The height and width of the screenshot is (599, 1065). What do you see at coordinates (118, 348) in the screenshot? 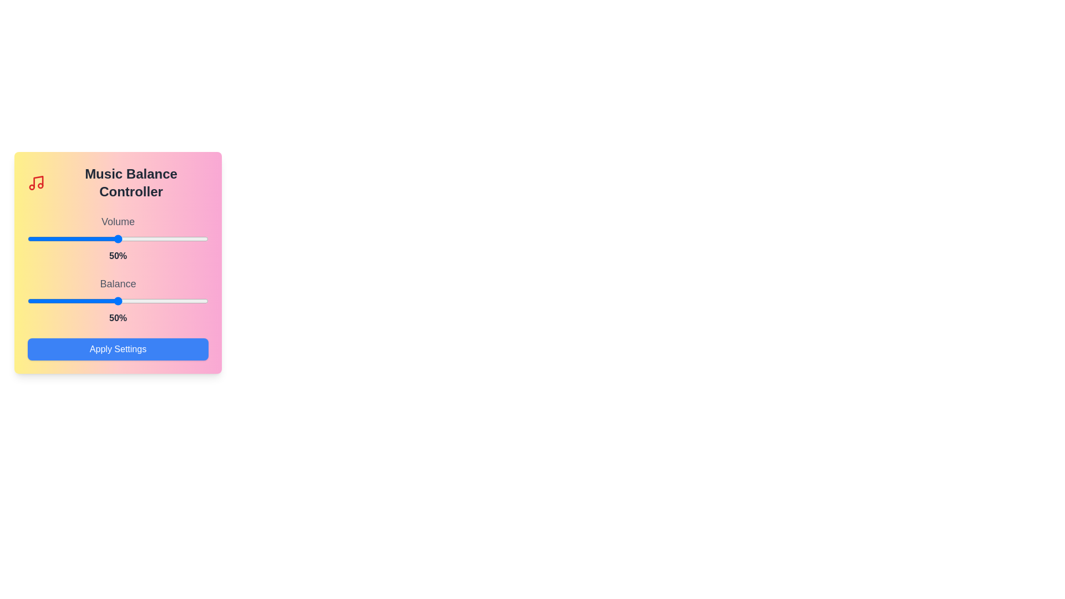
I see `the 'Apply Settings' button to apply the current volume and balance settings` at bounding box center [118, 348].